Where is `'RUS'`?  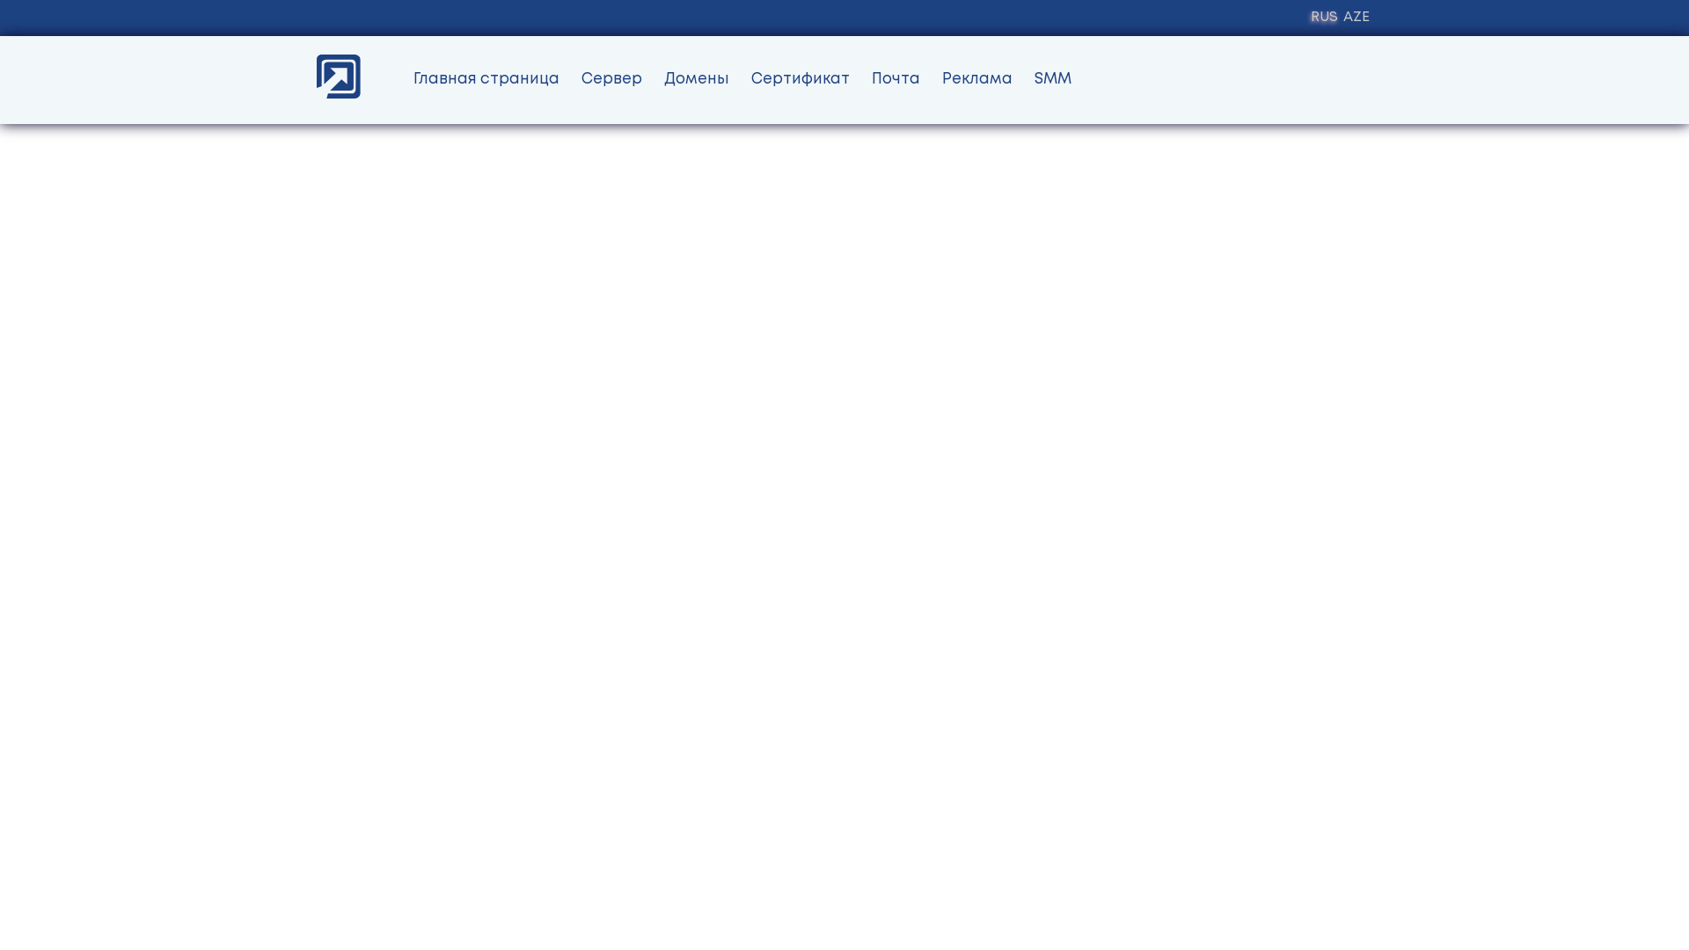 'RUS' is located at coordinates (1308, 17).